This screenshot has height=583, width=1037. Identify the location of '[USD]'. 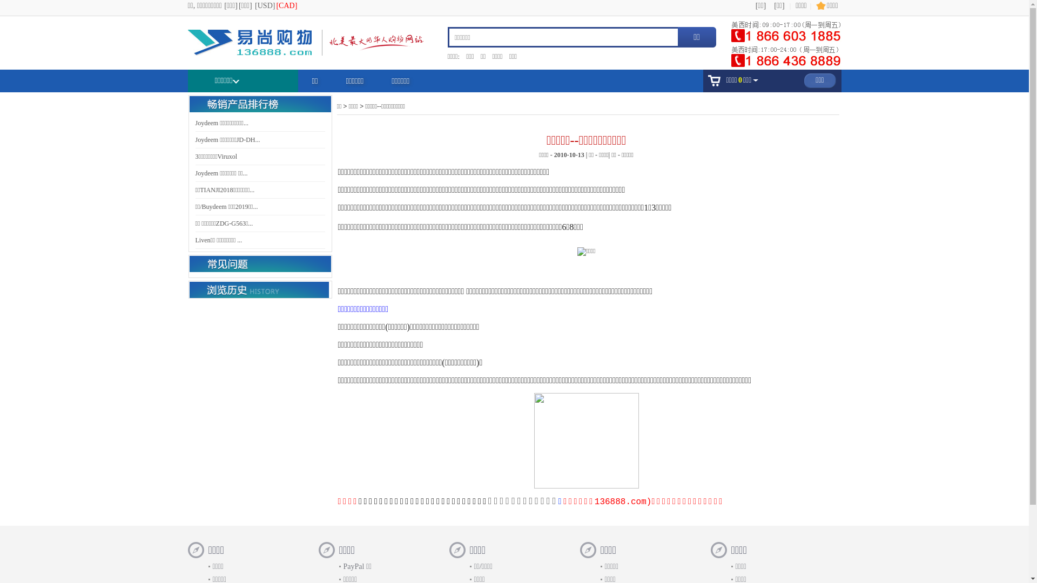
(254, 5).